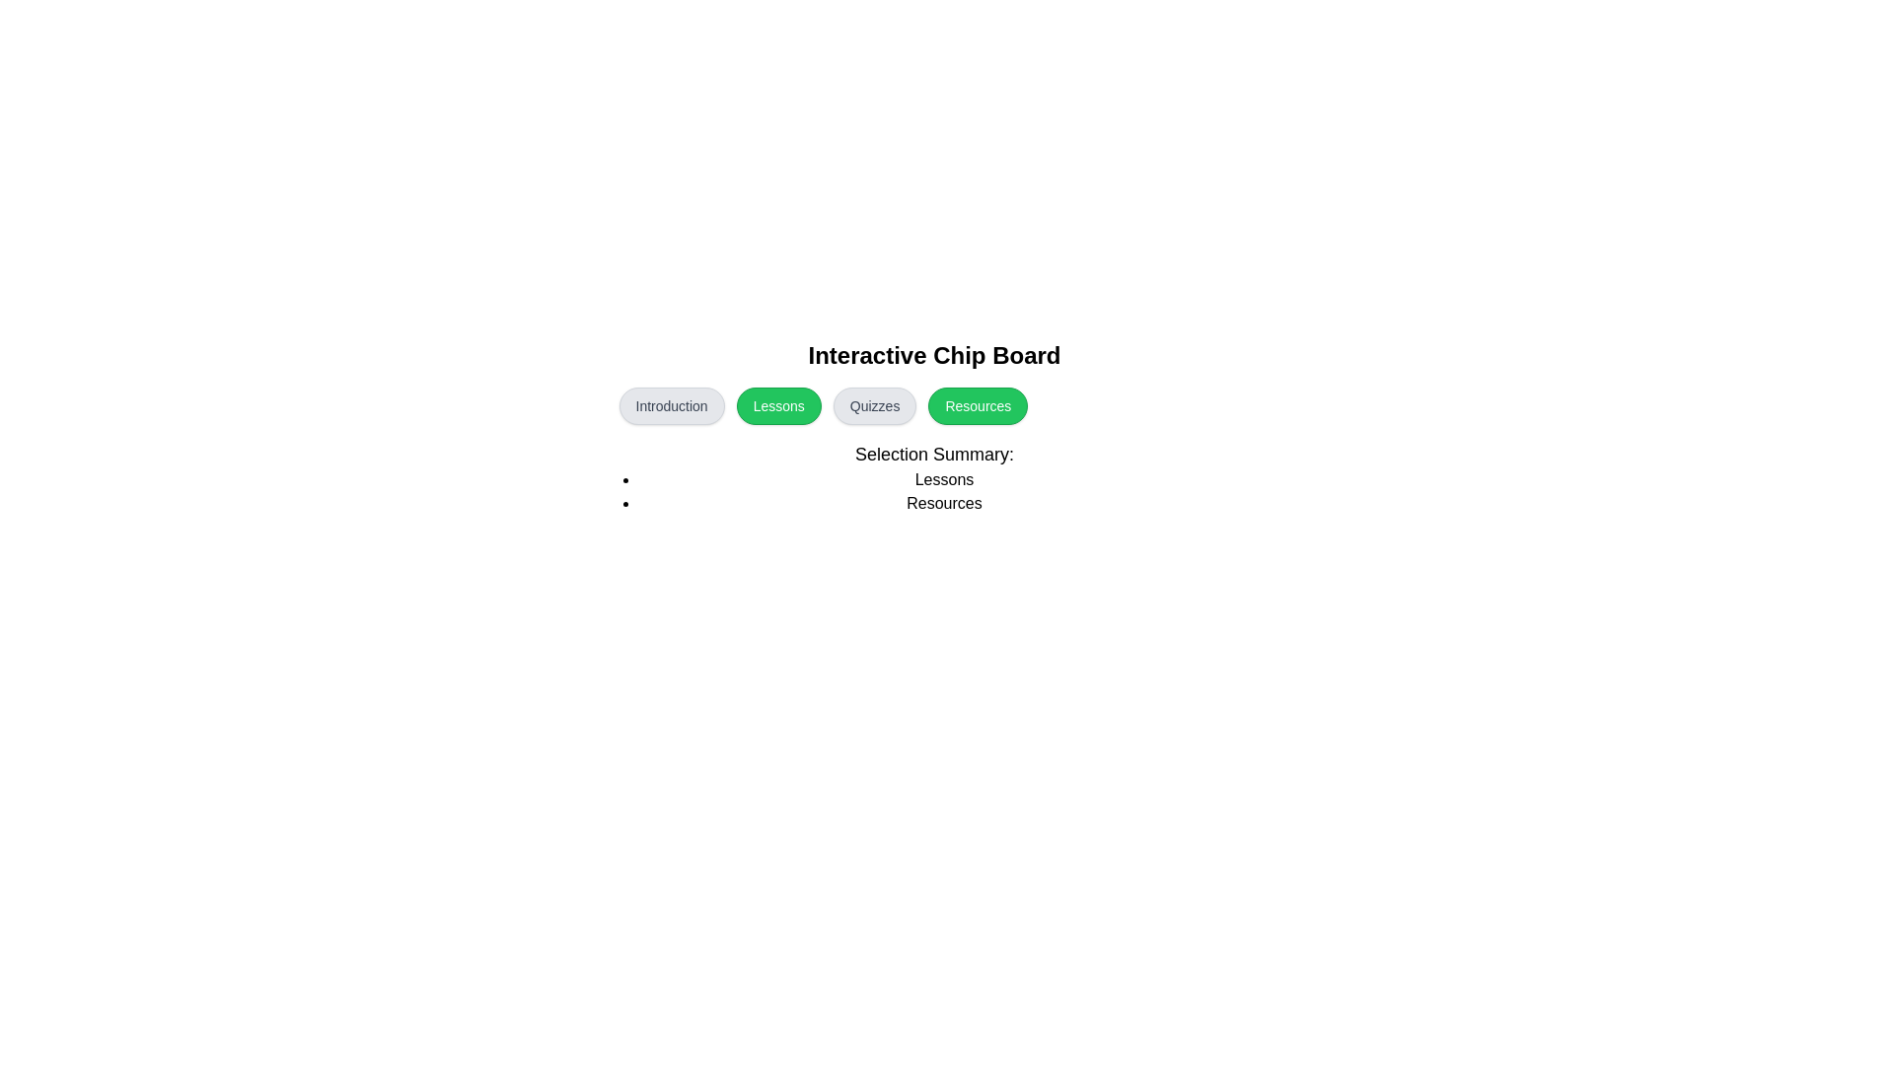 This screenshot has width=1894, height=1065. I want to click on the 'Resources' button, which is the fourth button in a series of interactive options including 'Introduction,' 'Lessons,' and 'Quizzes', so click(978, 405).